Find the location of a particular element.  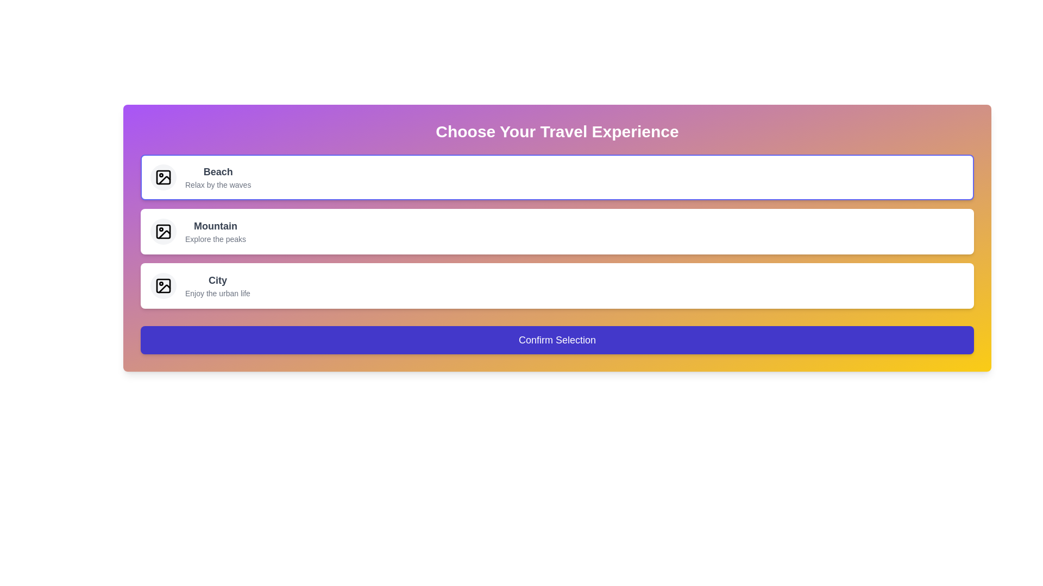

contextual information provided by the static text label located below the 'Mountain' title in the second option card is located at coordinates (216, 238).